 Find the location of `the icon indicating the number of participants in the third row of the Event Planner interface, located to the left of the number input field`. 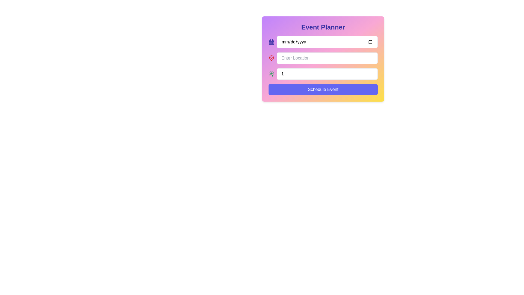

the icon indicating the number of participants in the third row of the Event Planner interface, located to the left of the number input field is located at coordinates (271, 74).